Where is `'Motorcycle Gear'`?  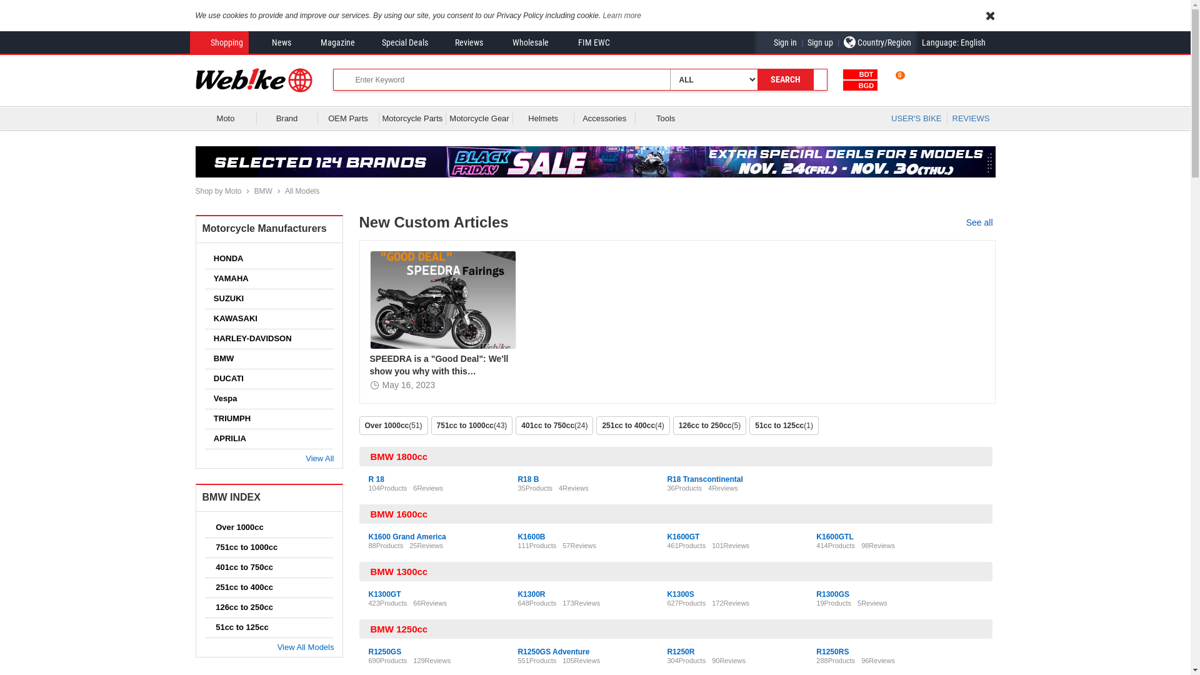 'Motorcycle Gear' is located at coordinates (478, 118).